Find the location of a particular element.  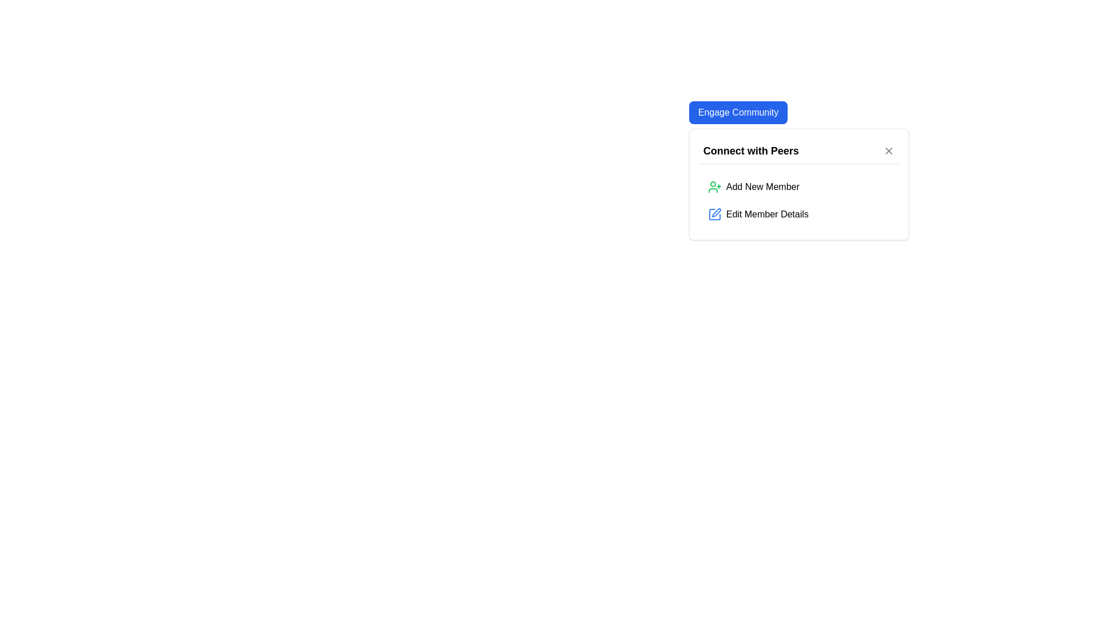

the community engagement button located at the top-left part of the pop-up UI section, positioned above the 'Connect with Peers' dropdown menu is located at coordinates (738, 112).